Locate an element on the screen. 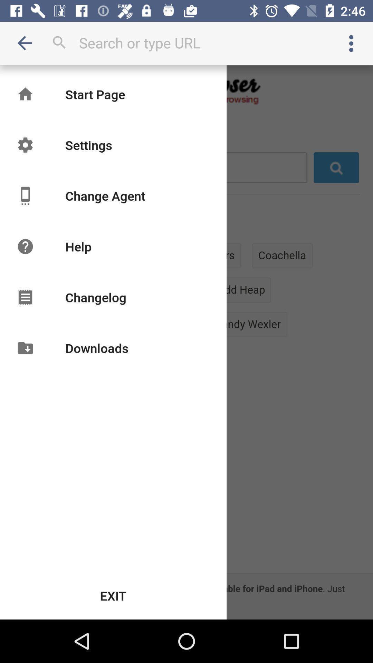 The height and width of the screenshot is (663, 373). icon below help icon is located at coordinates (96, 297).